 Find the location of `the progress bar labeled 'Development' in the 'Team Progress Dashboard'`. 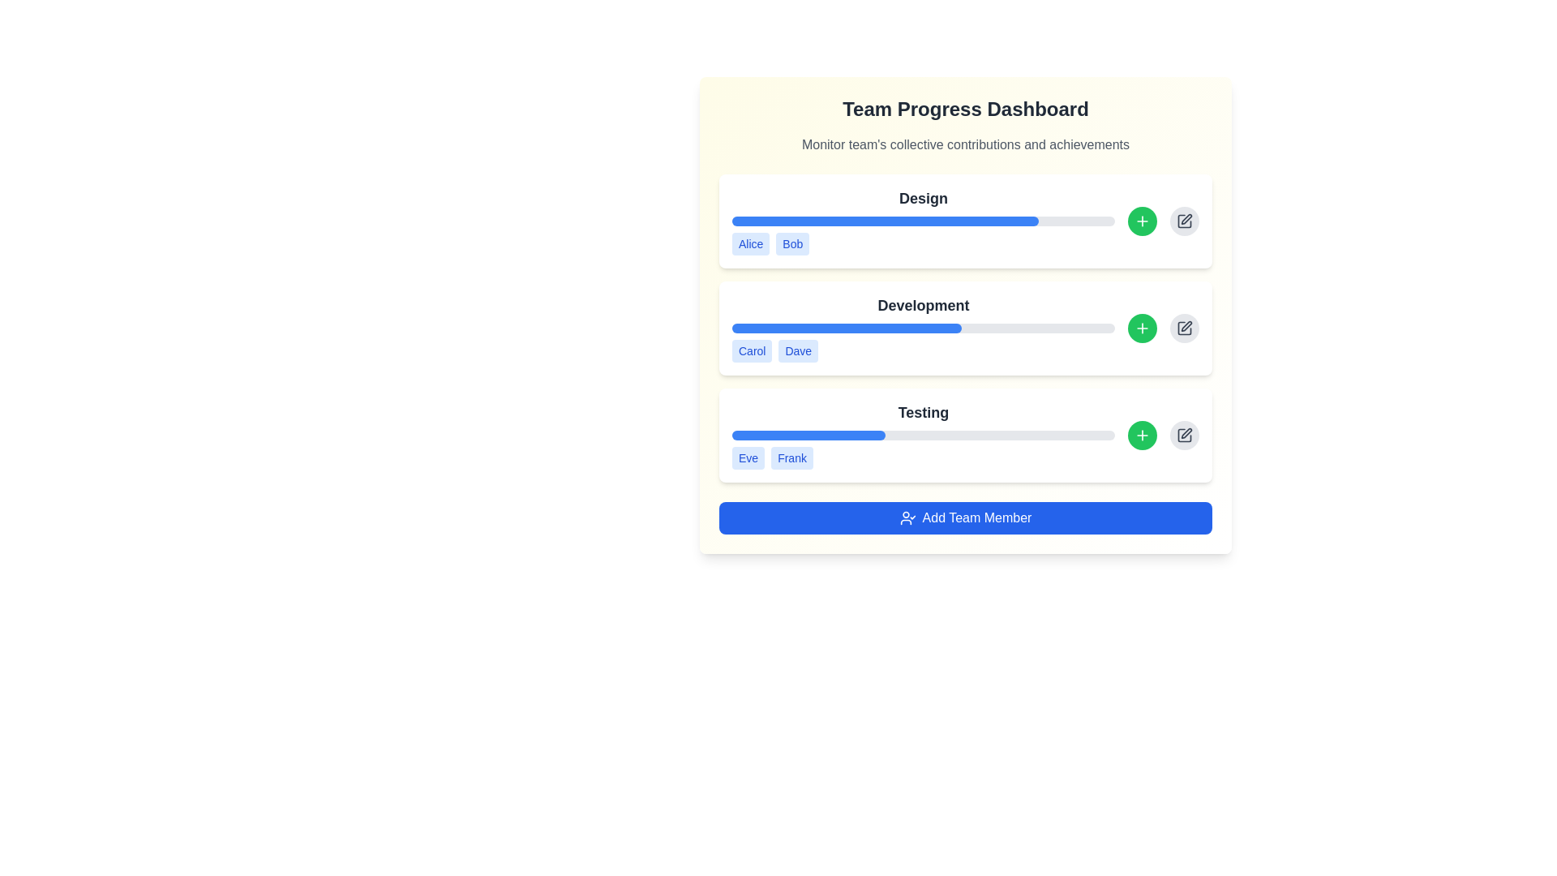

the progress bar labeled 'Development' in the 'Team Progress Dashboard' is located at coordinates (965, 328).